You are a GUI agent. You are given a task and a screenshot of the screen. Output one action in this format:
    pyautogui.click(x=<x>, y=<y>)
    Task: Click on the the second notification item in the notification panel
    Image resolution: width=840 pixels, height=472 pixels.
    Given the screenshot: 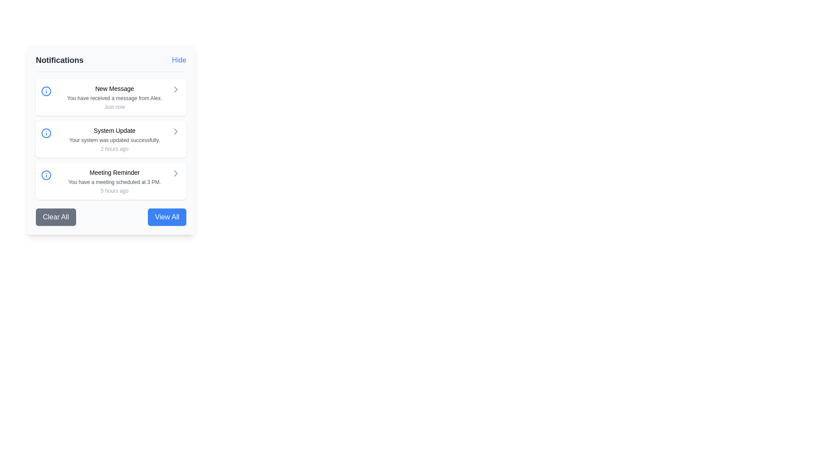 What is the action you would take?
    pyautogui.click(x=114, y=139)
    